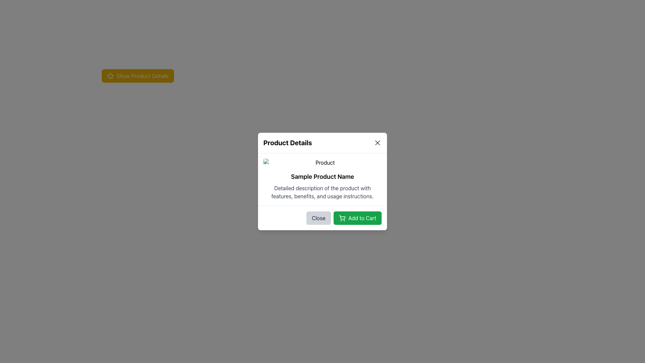 This screenshot has height=363, width=645. What do you see at coordinates (111, 76) in the screenshot?
I see `the star icon located to the left of the 'Show Product Details' text in the yellow rounded button` at bounding box center [111, 76].